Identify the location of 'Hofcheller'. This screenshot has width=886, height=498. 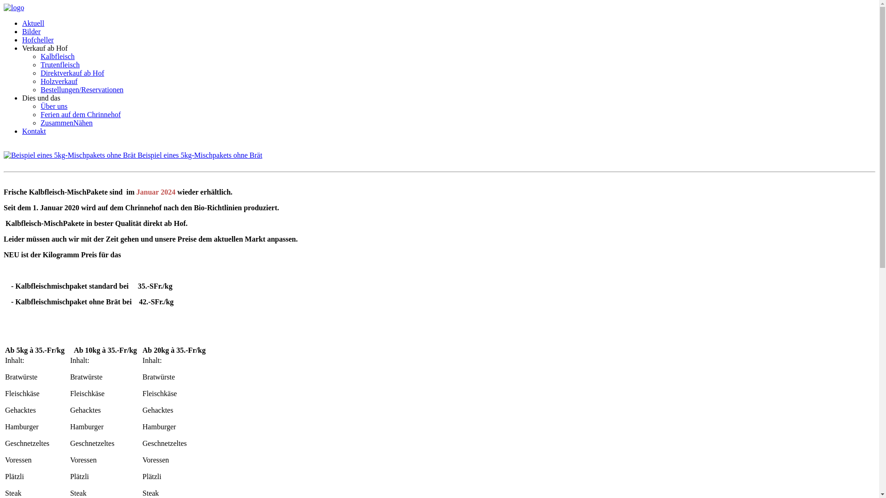
(37, 39).